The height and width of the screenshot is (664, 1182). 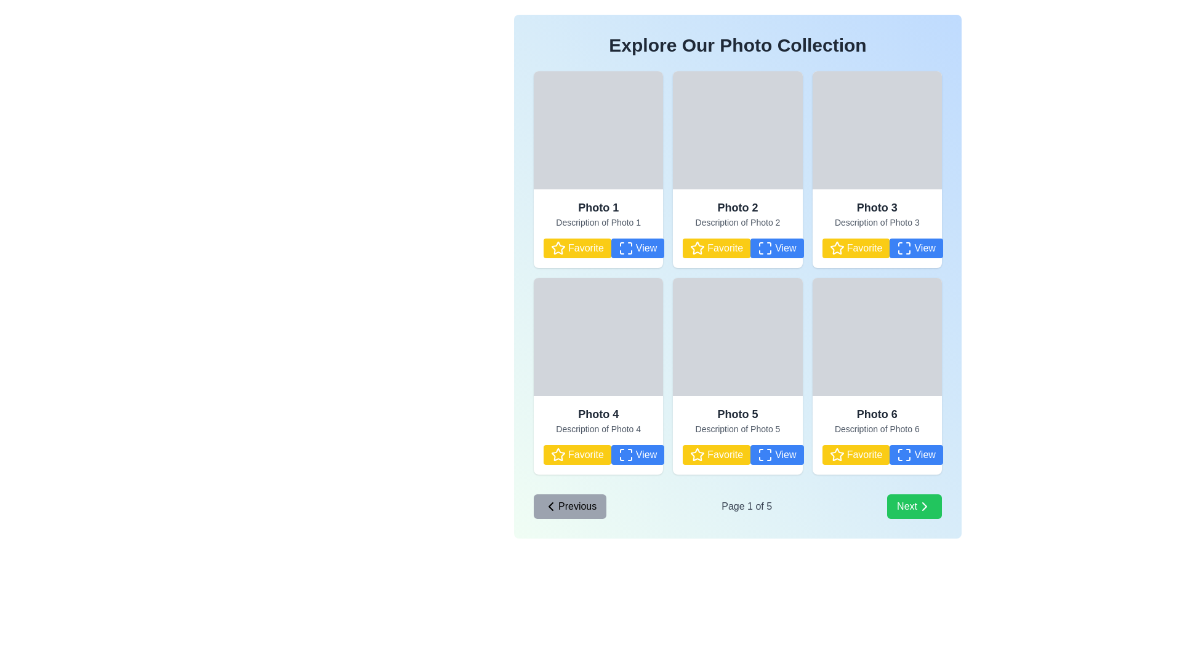 I want to click on the yellow star icon representing the 'Favorite' option for media content, so click(x=558, y=454).